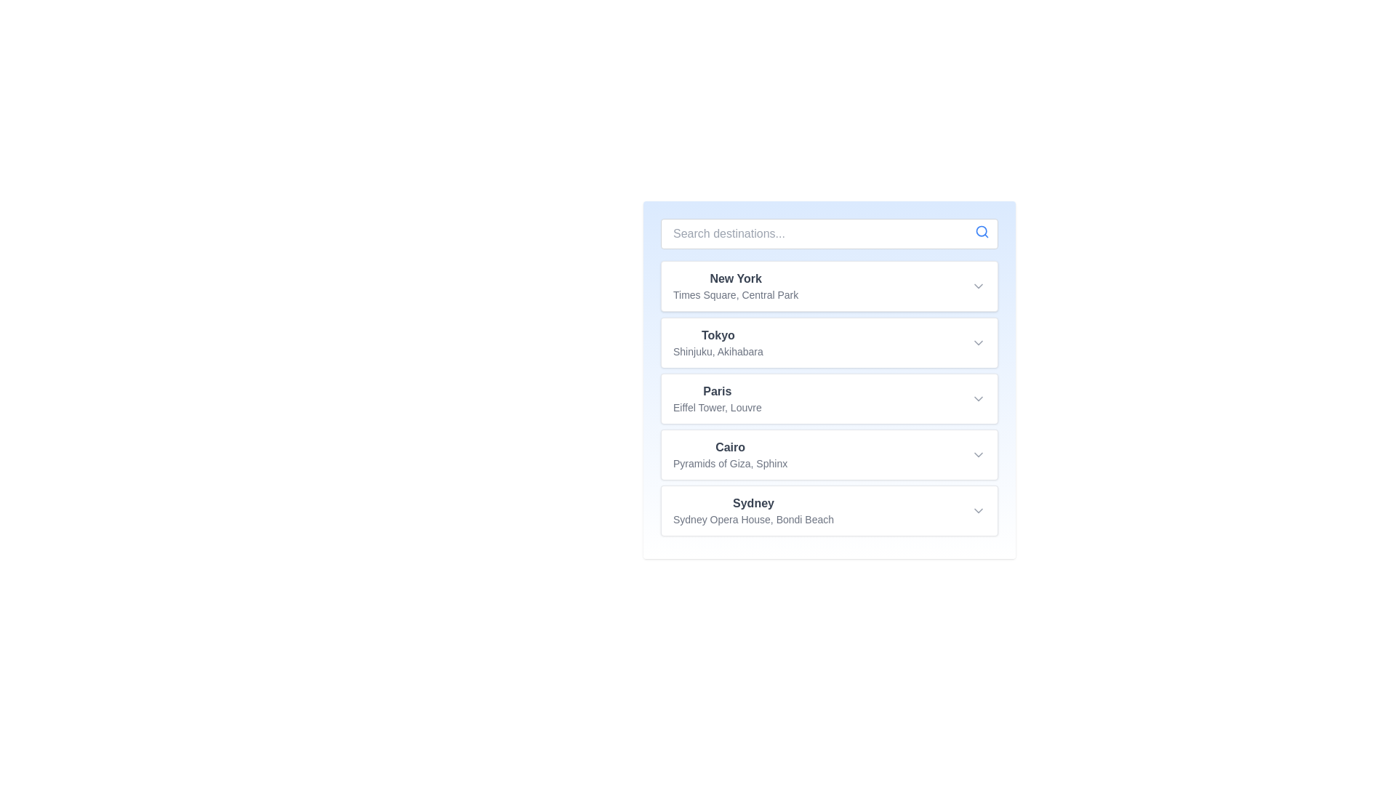 Image resolution: width=1396 pixels, height=785 pixels. I want to click on the selectable list item for the city 'Paris', so click(830, 398).